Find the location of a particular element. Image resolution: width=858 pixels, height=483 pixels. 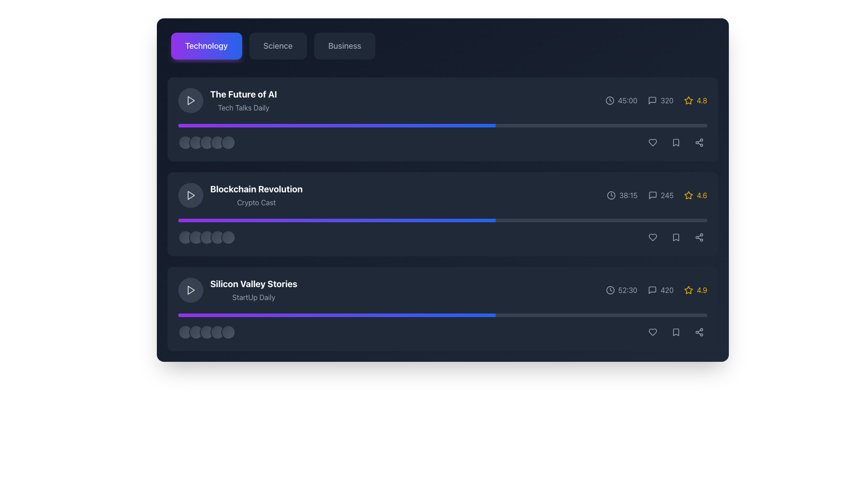

the clock icon, which is a circular, light gray icon with two hands, located to the left of the time text '45:00' in the first content card is located at coordinates (609, 100).